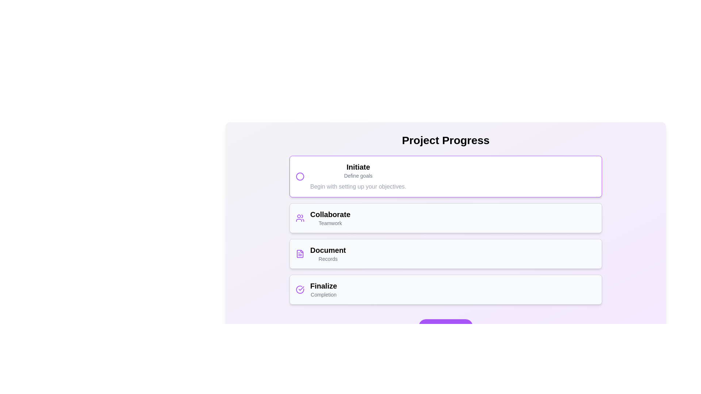 The width and height of the screenshot is (701, 394). What do you see at coordinates (358, 186) in the screenshot?
I see `the static text display that provides a brief description or instruction related to the goals of the 'Initiate' stage in the project progress, located beneath the main title 'Project Progress'` at bounding box center [358, 186].